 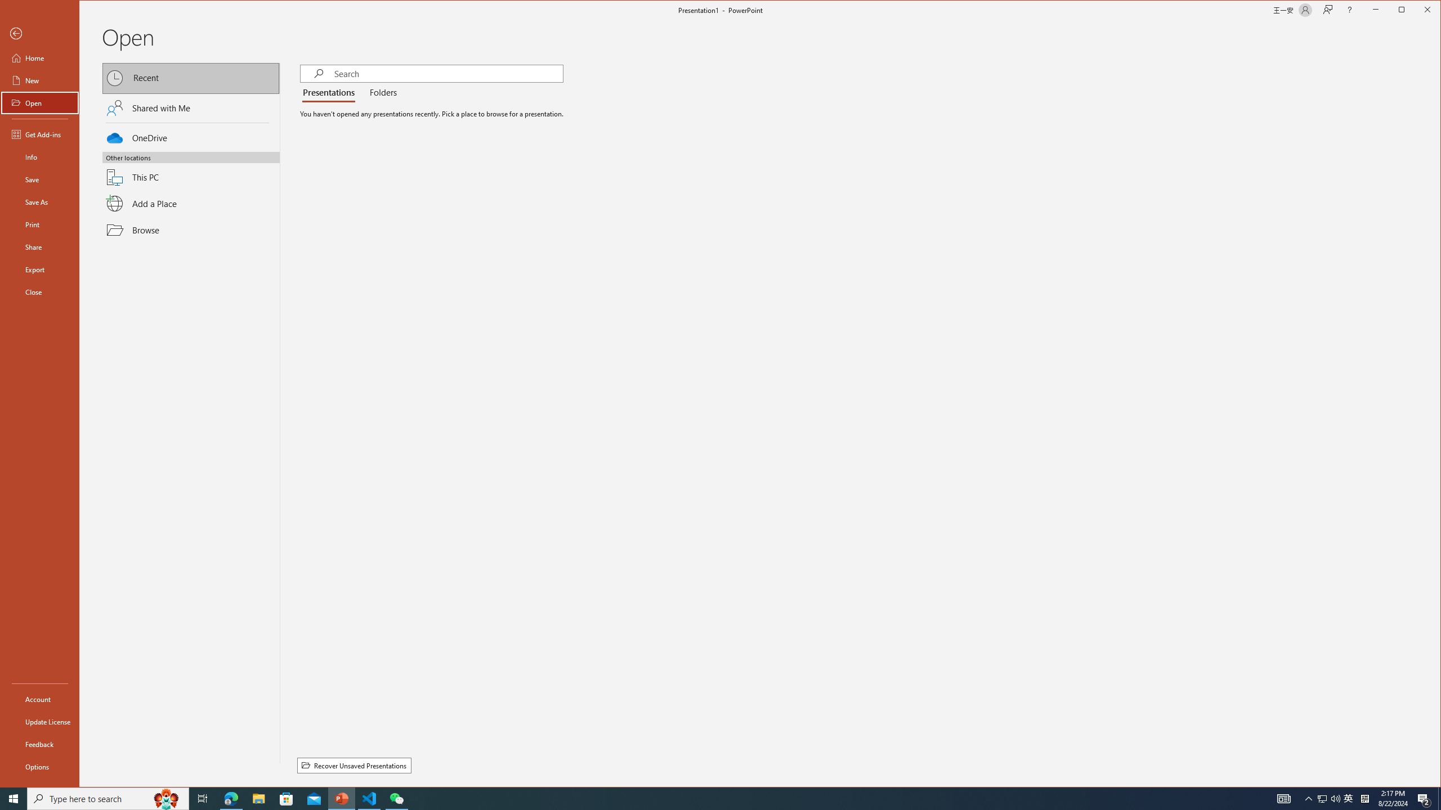 What do you see at coordinates (39, 134) in the screenshot?
I see `'Get Add-ins'` at bounding box center [39, 134].